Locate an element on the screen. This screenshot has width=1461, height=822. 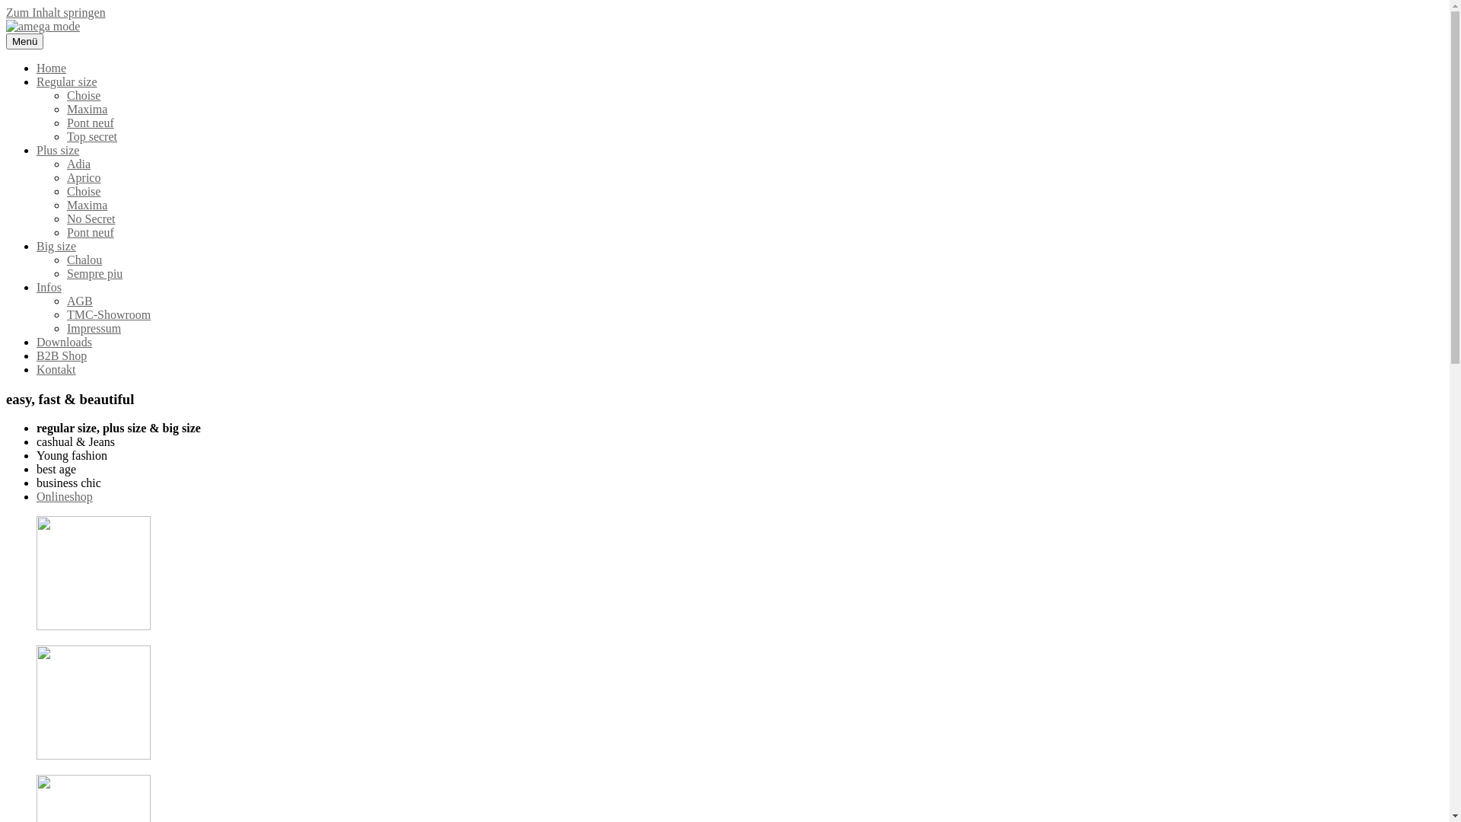
'Pont neuf' is located at coordinates (90, 122).